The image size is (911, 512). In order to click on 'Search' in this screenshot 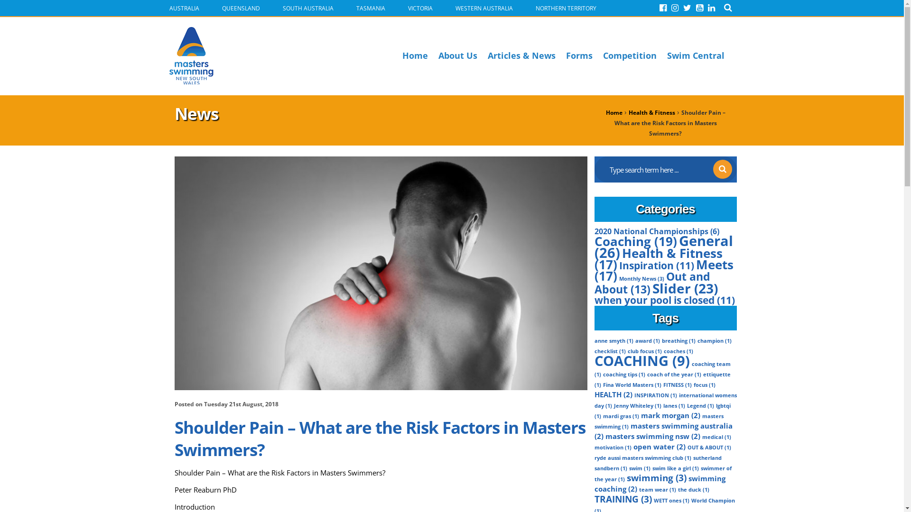, I will do `click(727, 8)`.